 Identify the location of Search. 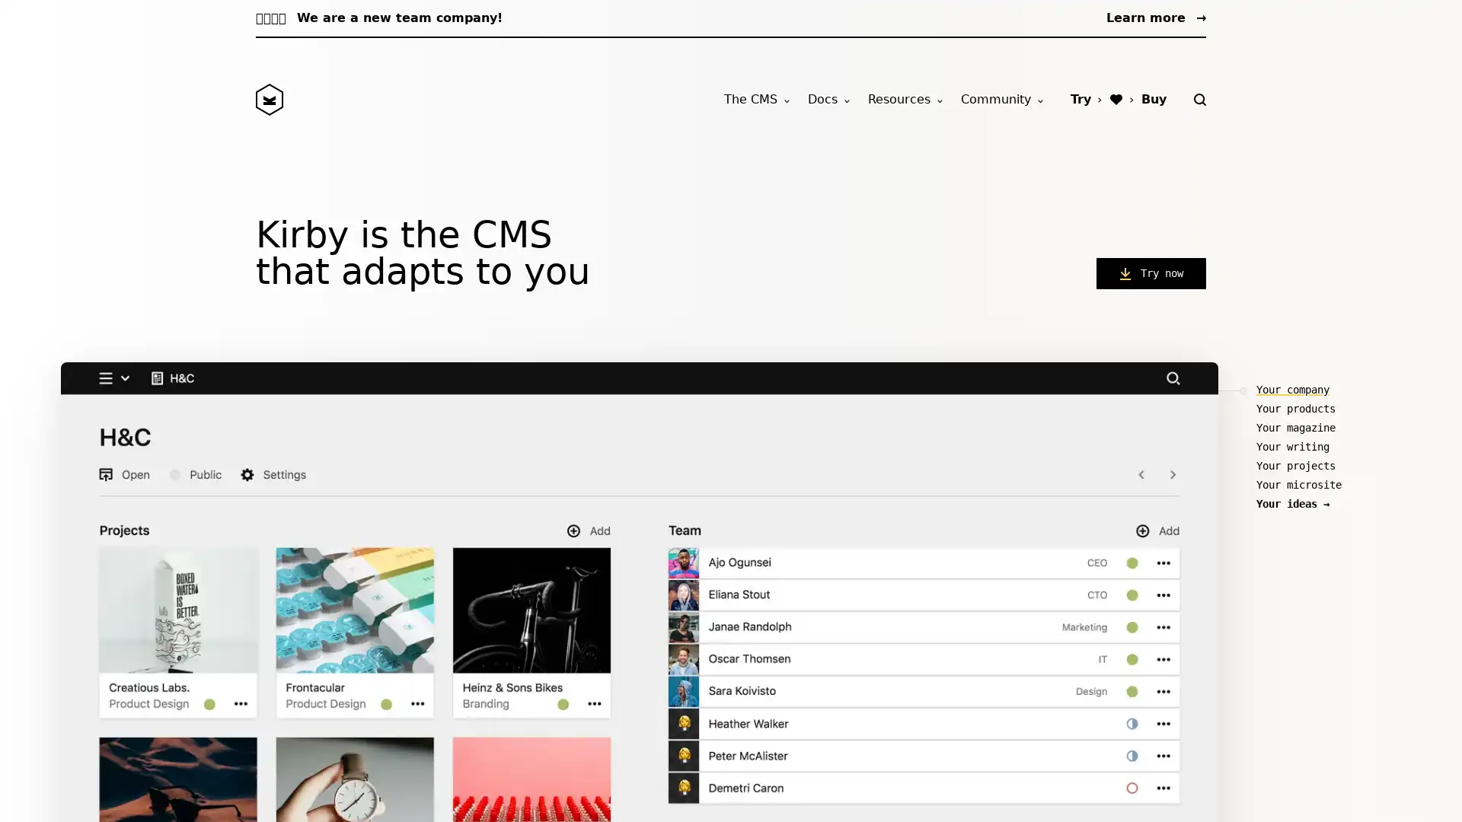
(1199, 100).